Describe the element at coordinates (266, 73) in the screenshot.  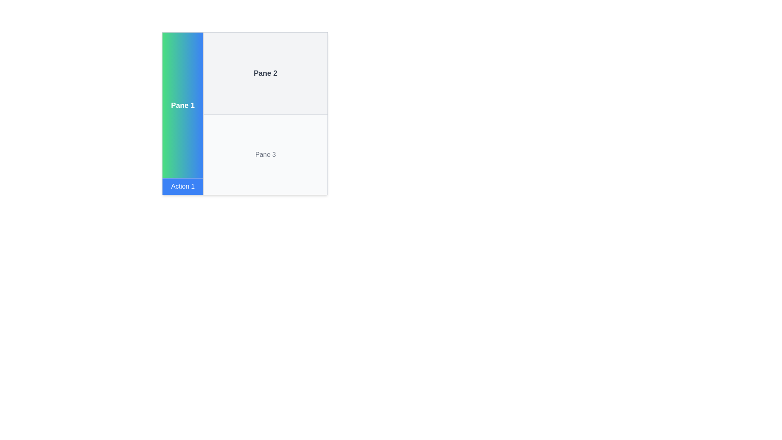
I see `the Text Label Pane identified as 'Pane 2', which is located in the top-right corner of the primary section above 'Pane 3'` at that location.